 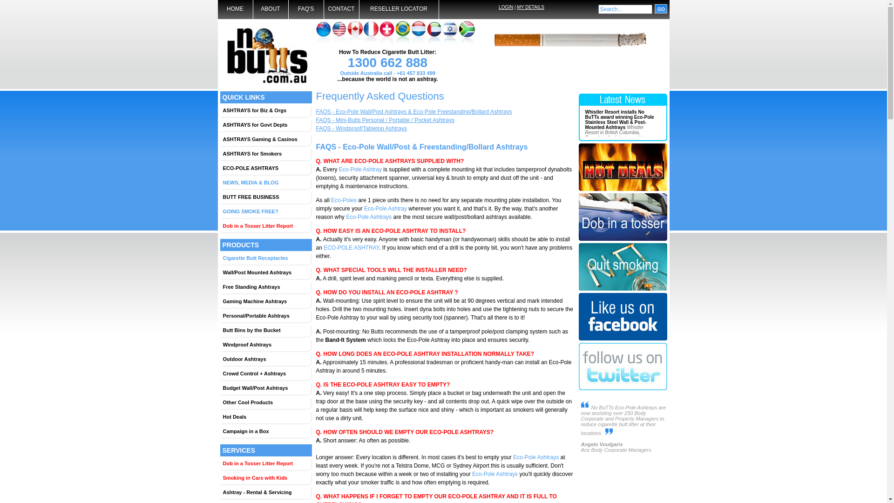 What do you see at coordinates (220, 153) in the screenshot?
I see `'ASHTRAYS for Smokers'` at bounding box center [220, 153].